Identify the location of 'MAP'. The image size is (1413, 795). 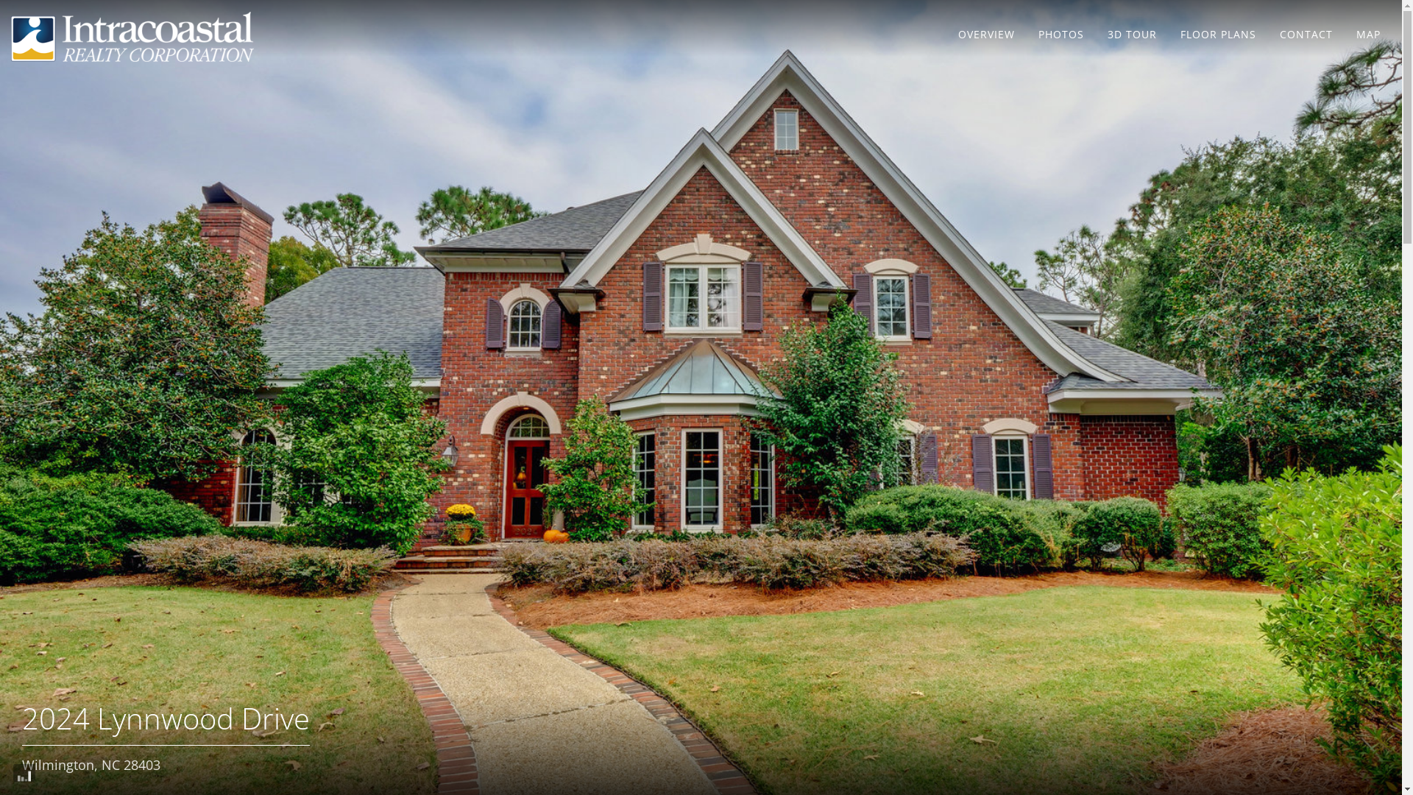
(1367, 33).